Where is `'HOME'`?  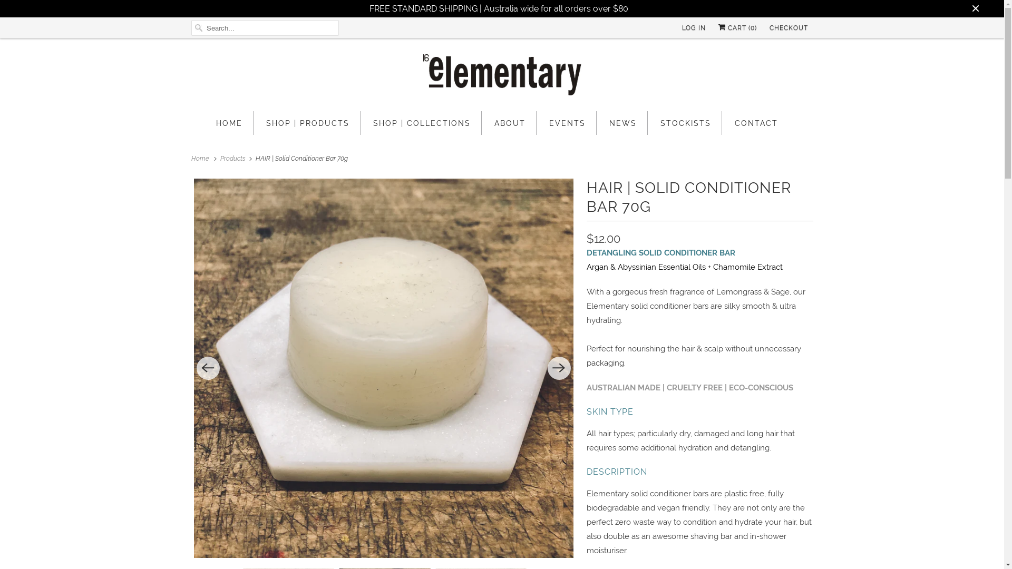 'HOME' is located at coordinates (229, 122).